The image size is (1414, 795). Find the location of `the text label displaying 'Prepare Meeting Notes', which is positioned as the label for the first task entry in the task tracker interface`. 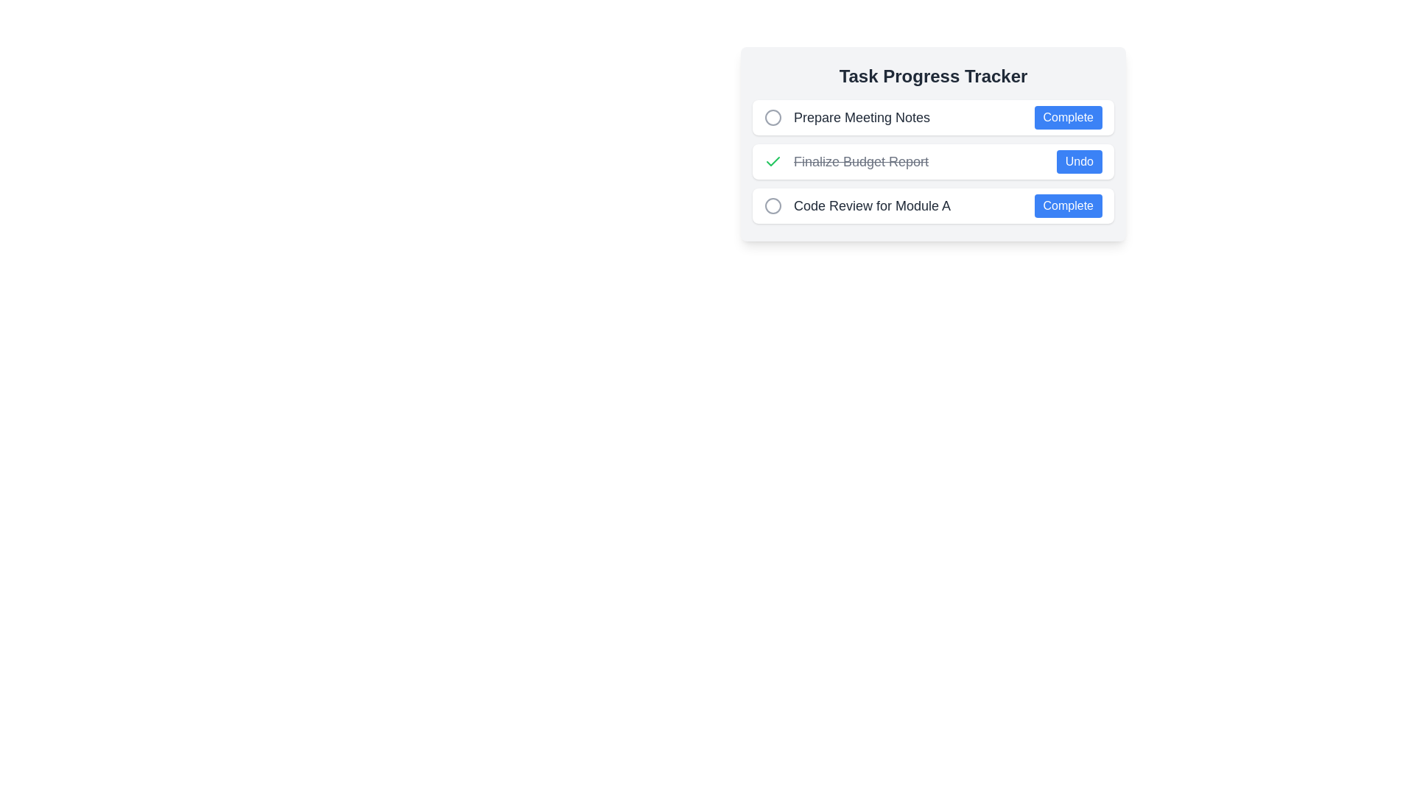

the text label displaying 'Prepare Meeting Notes', which is positioned as the label for the first task entry in the task tracker interface is located at coordinates (862, 116).